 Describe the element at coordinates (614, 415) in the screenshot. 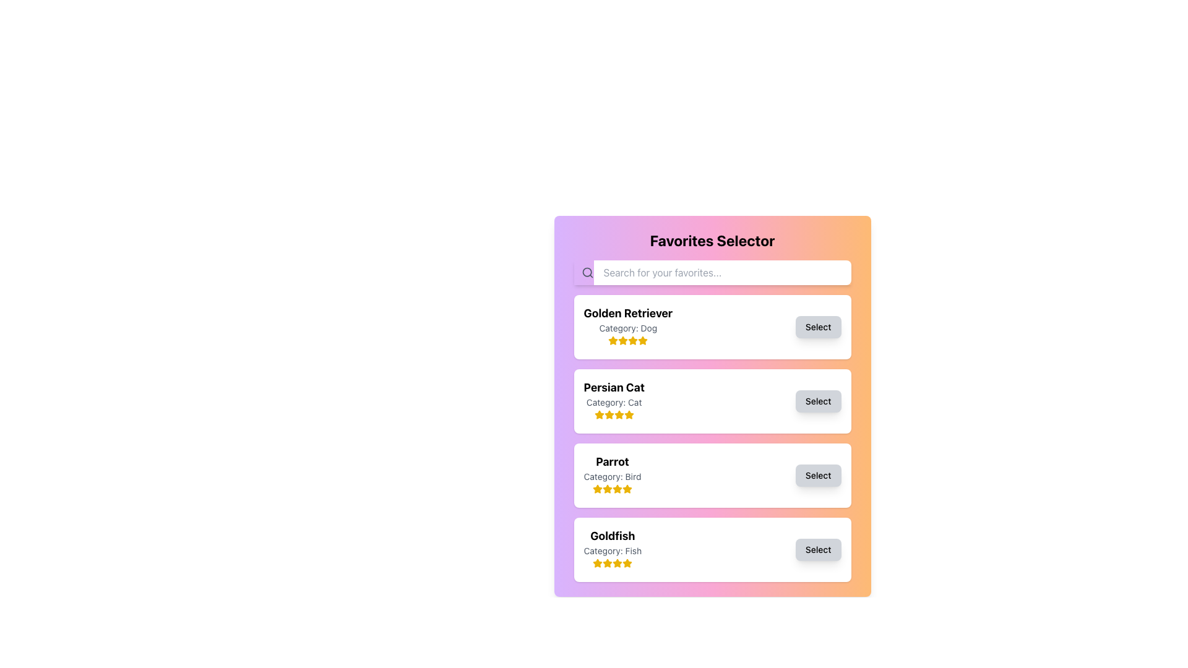

I see `the third star icon in the rating system under the 'Persian Cat' card` at that location.